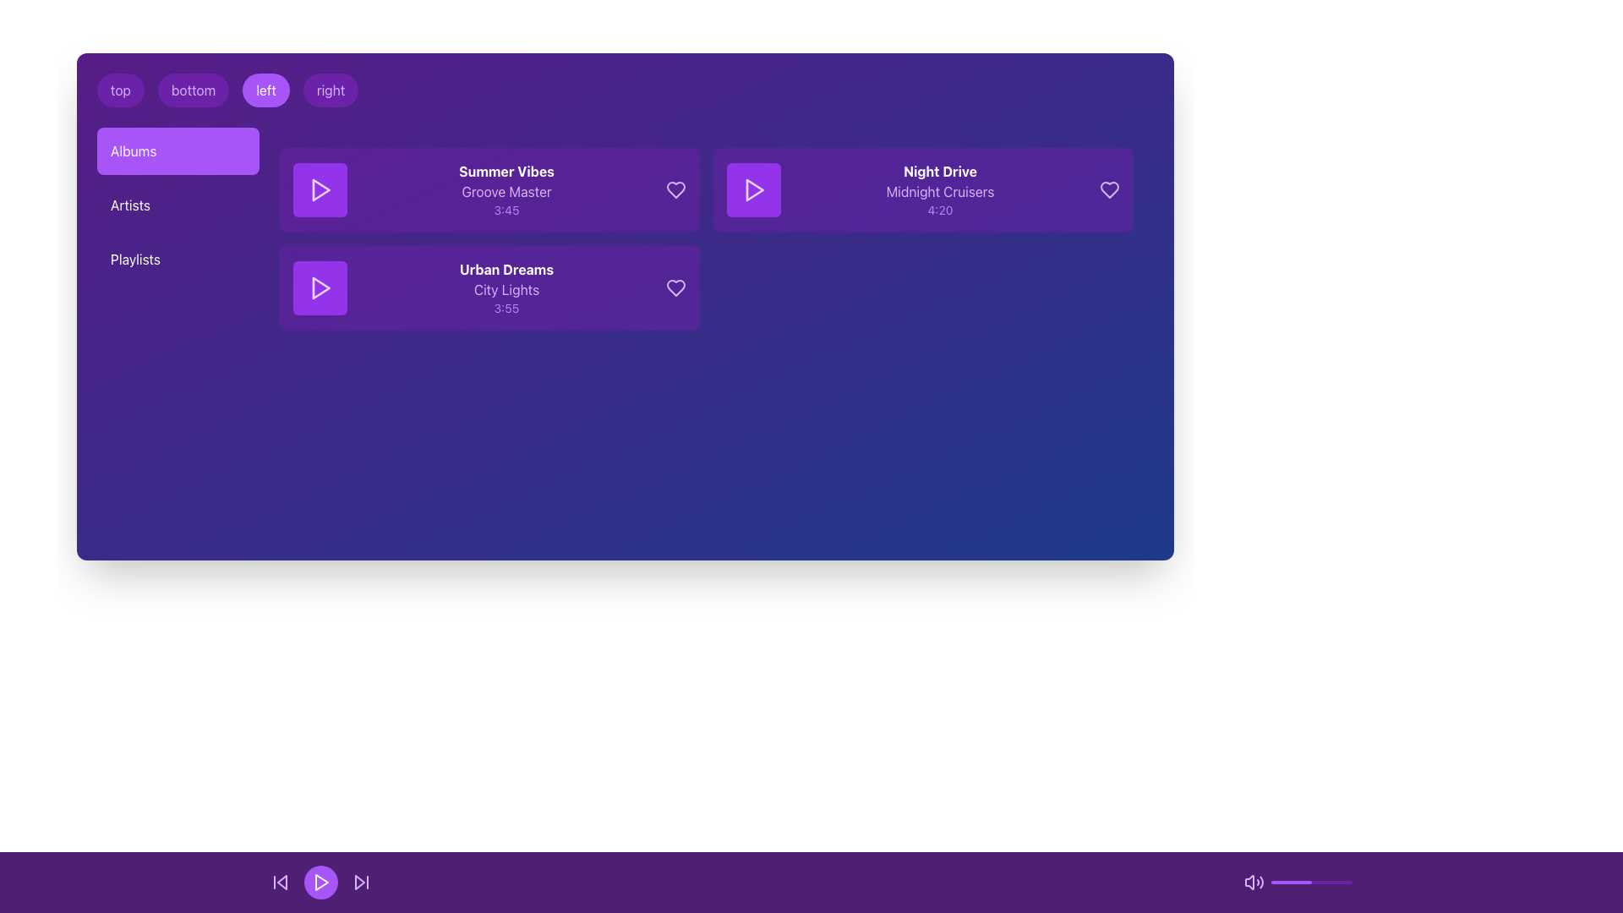  Describe the element at coordinates (753, 189) in the screenshot. I see `the triangular play icon with a purple outline located in the top-right part of the interface within the square button associated with the 'Night Drive' track` at that location.